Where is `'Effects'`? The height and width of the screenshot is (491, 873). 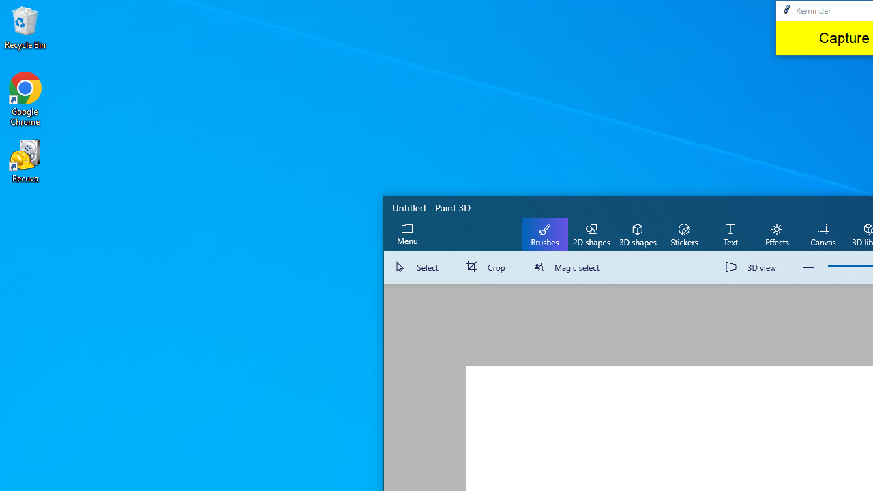 'Effects' is located at coordinates (776, 233).